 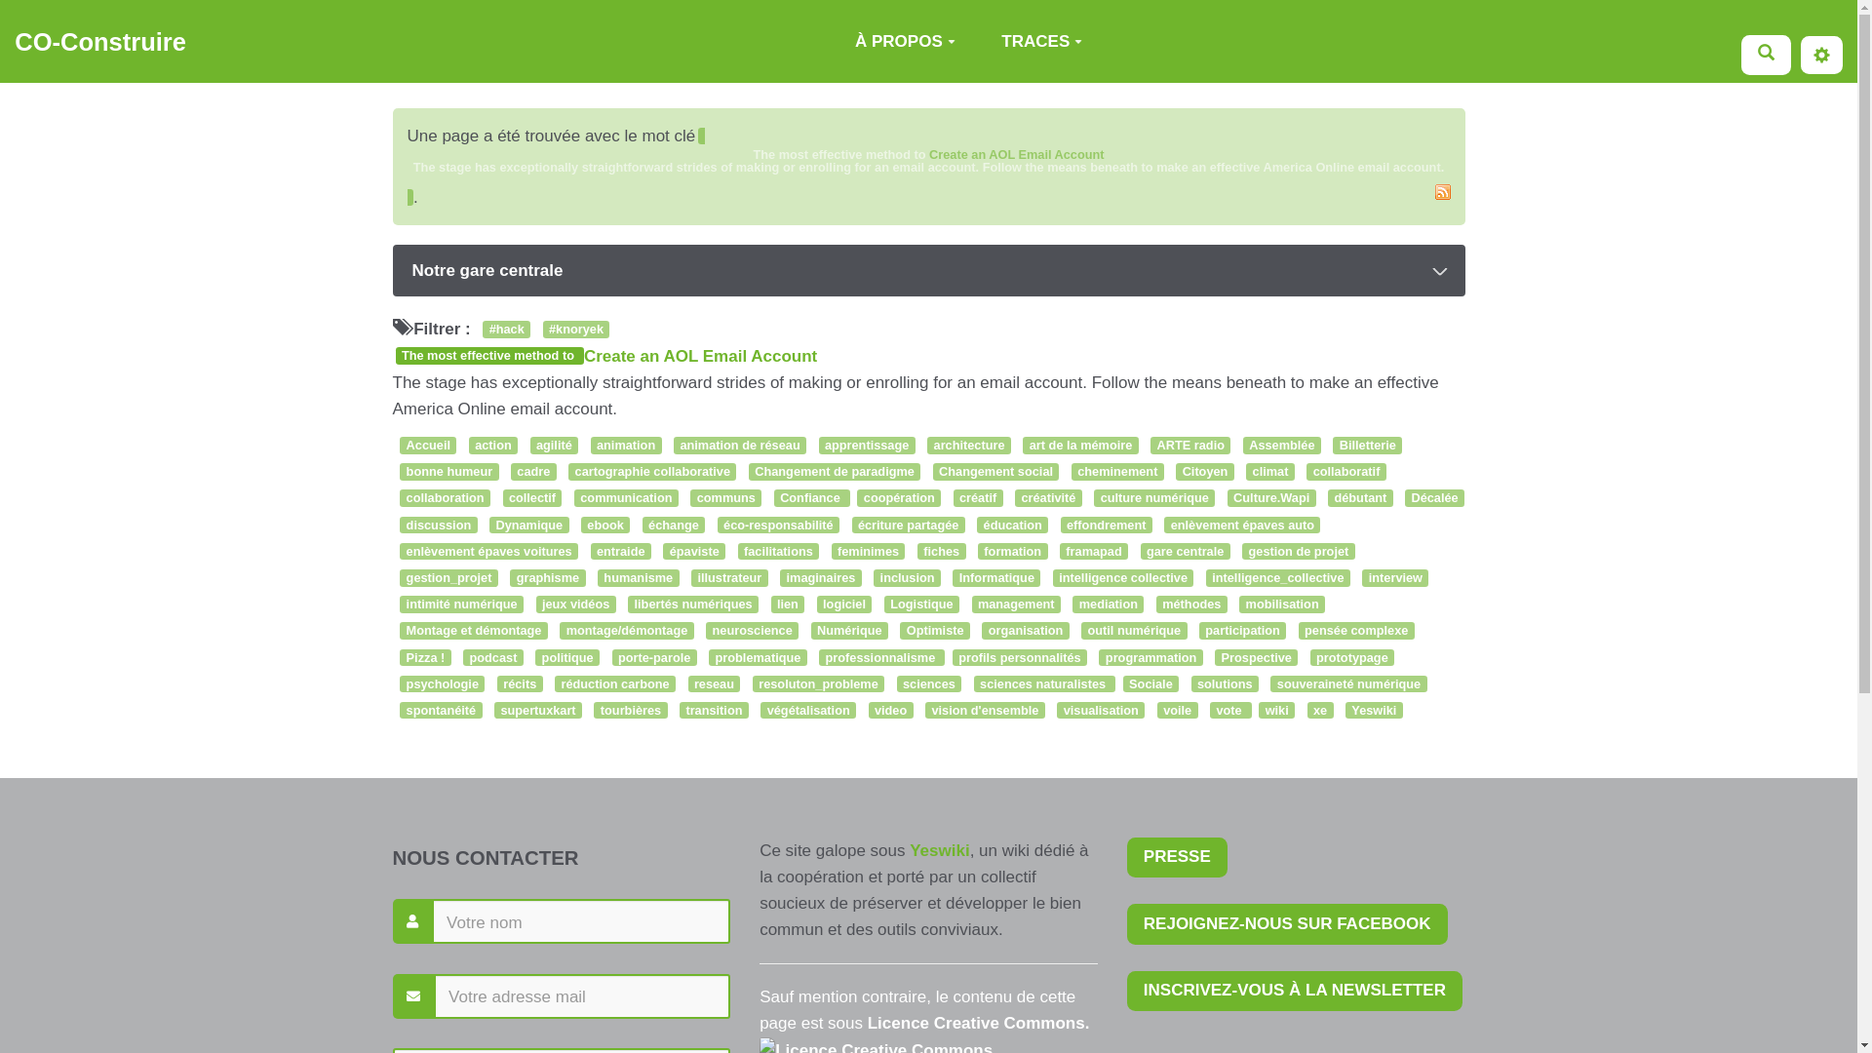 What do you see at coordinates (611, 658) in the screenshot?
I see `'porte-parole'` at bounding box center [611, 658].